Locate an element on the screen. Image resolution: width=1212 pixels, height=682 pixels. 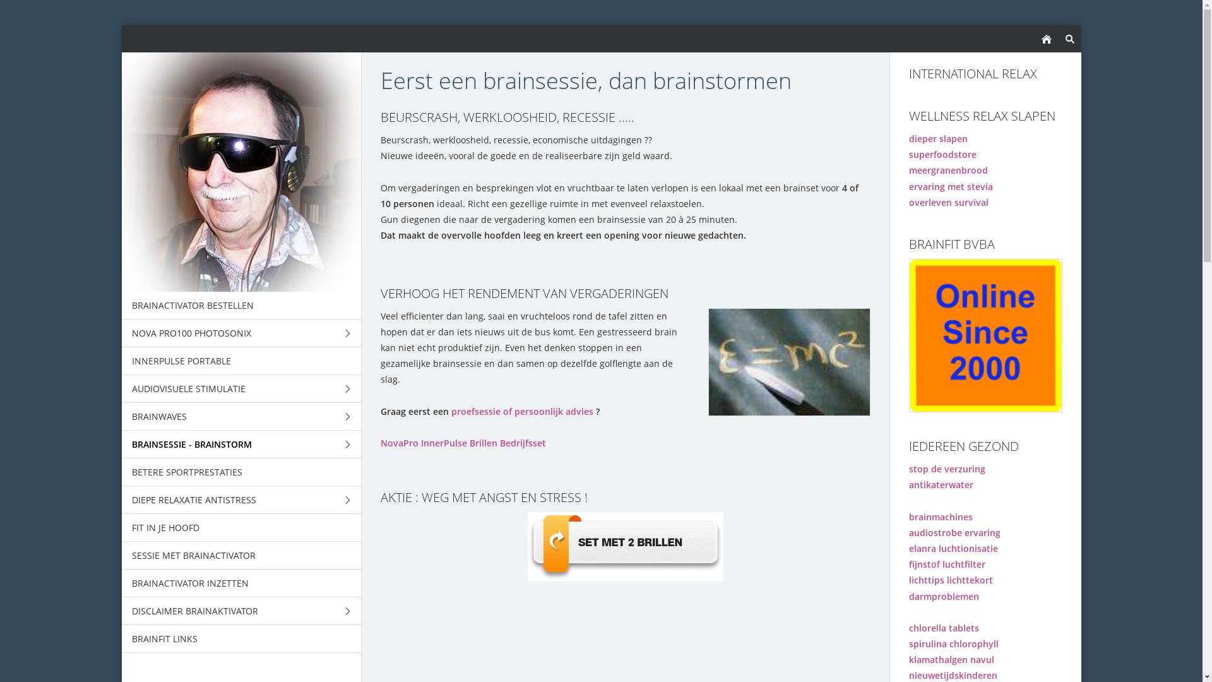
'nieuwetijdskinderen' is located at coordinates (953, 674).